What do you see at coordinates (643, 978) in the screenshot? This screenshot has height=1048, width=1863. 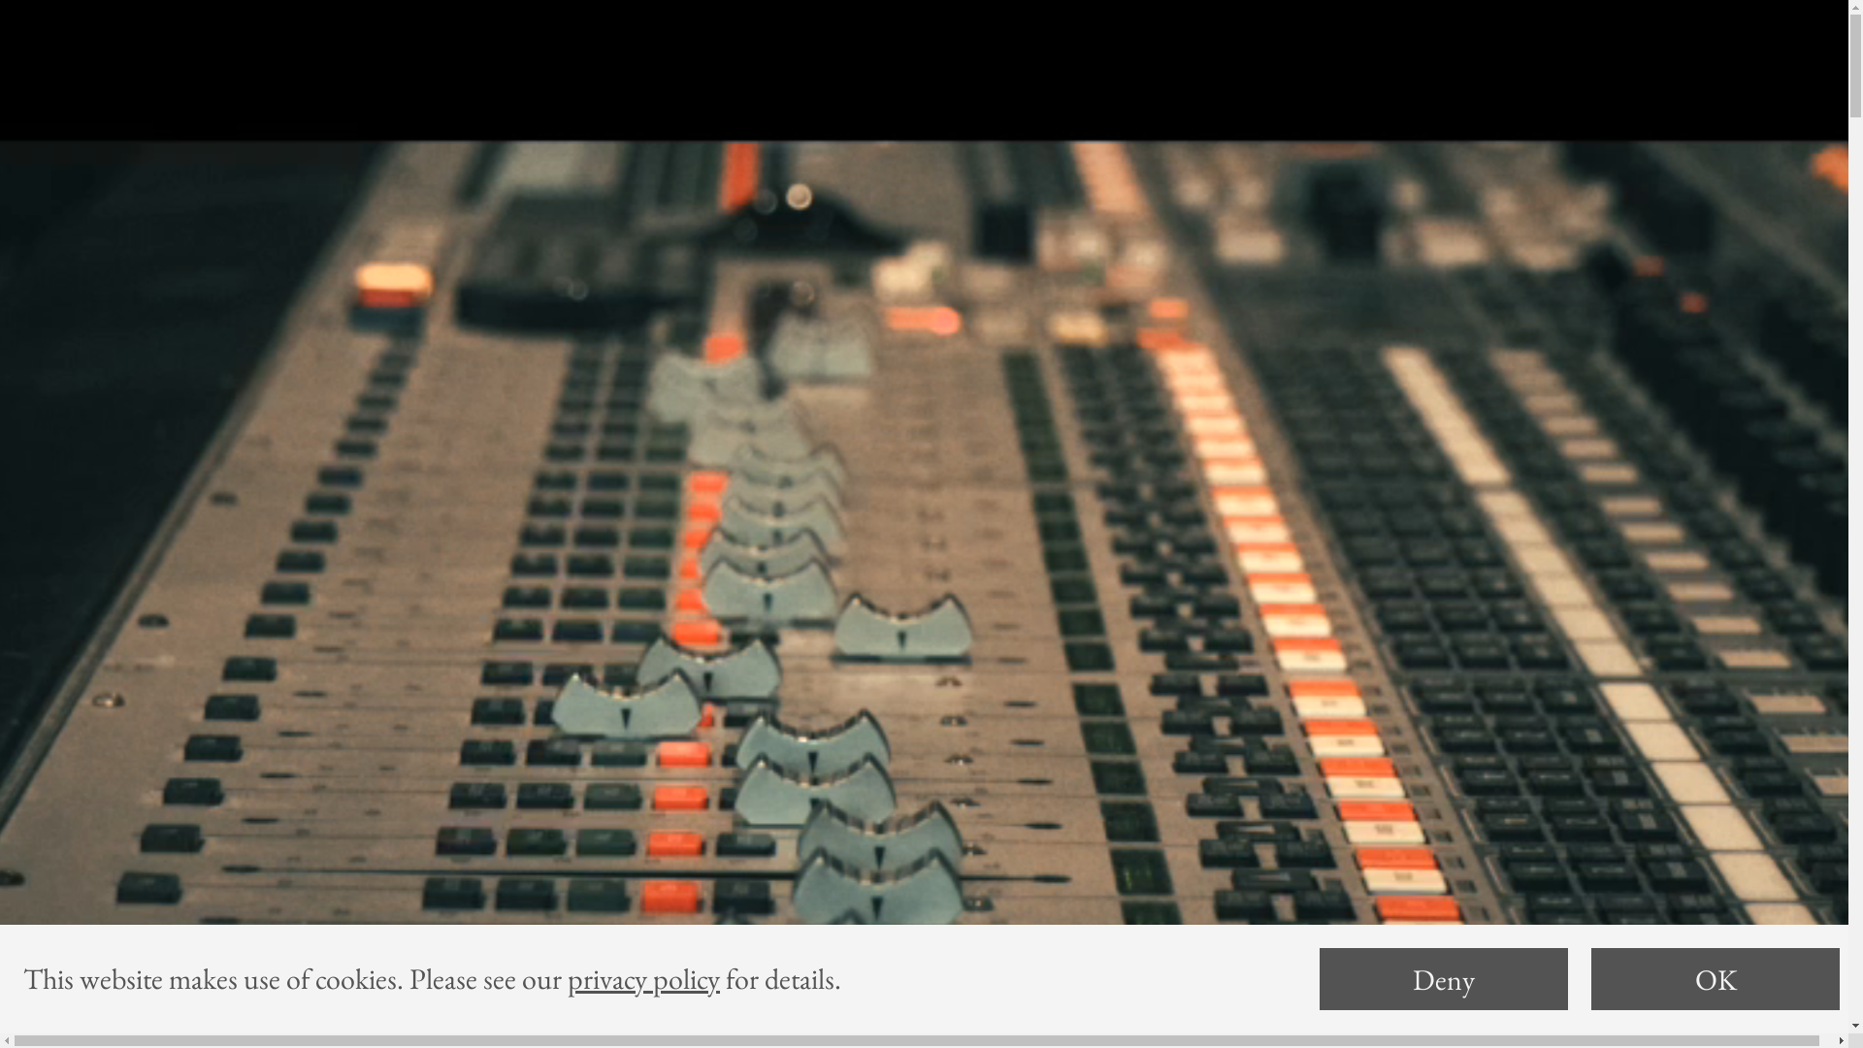 I see `'privacy policy'` at bounding box center [643, 978].